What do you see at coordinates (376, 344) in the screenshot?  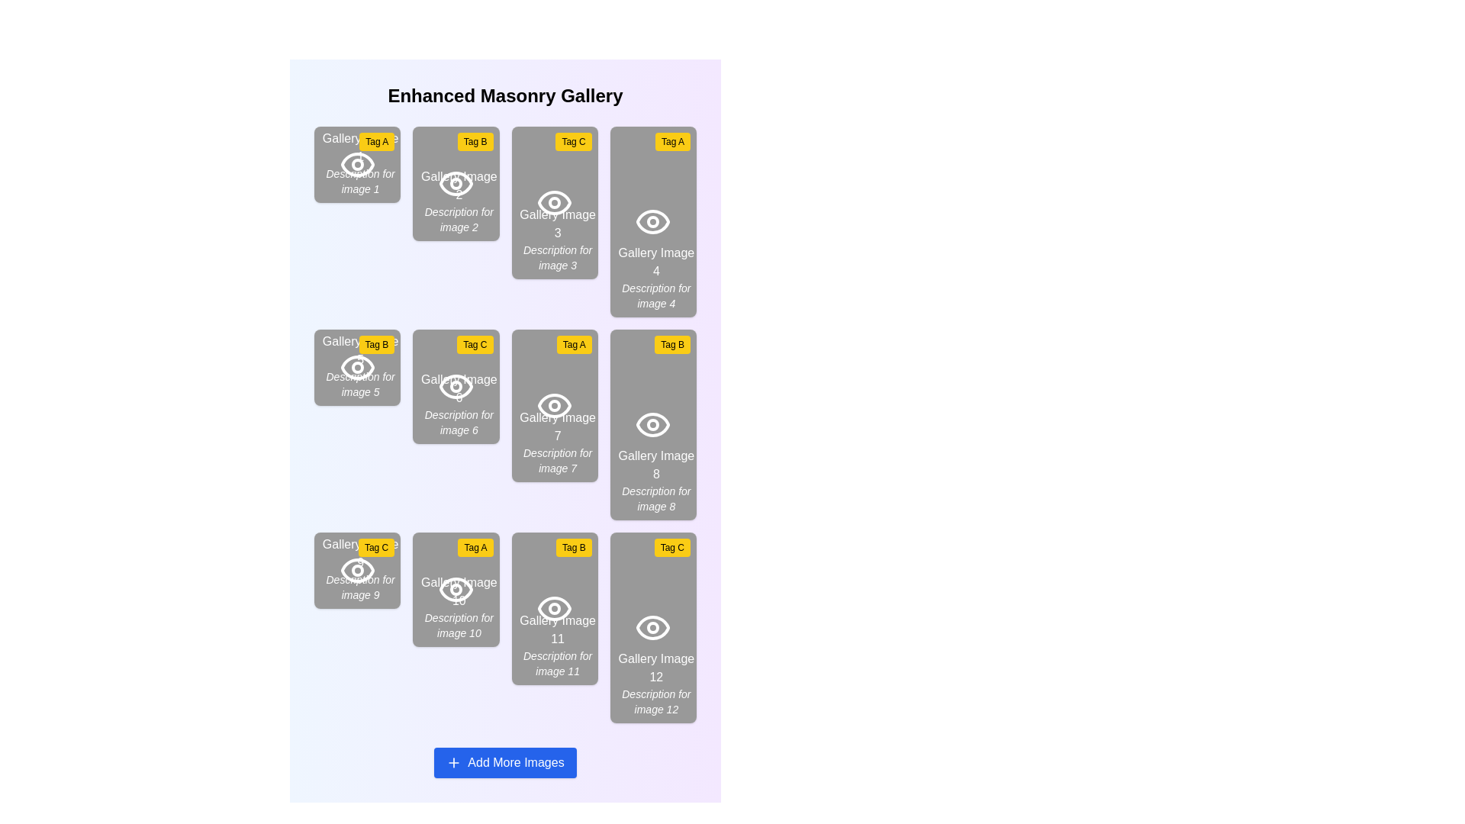 I see `the label with the yellow background and the text 'Tag B' to read its content` at bounding box center [376, 344].